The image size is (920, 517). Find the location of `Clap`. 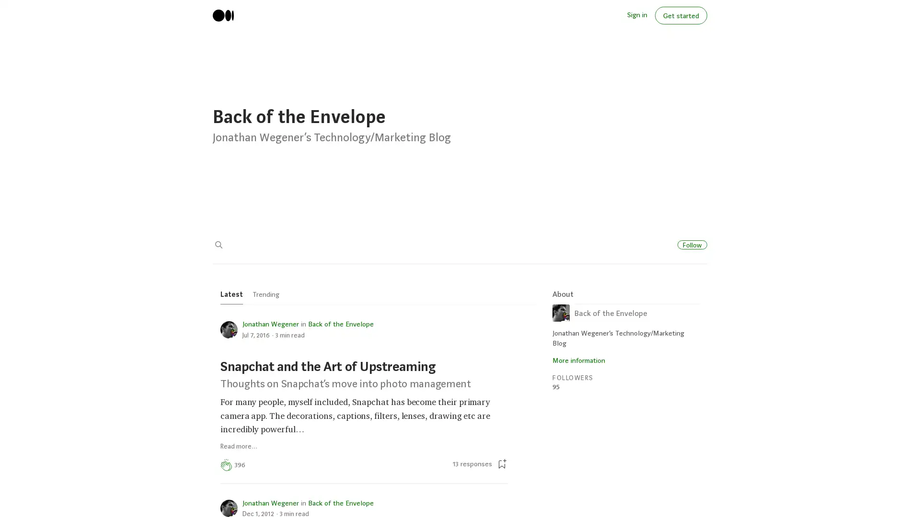

Clap is located at coordinates (226, 464).